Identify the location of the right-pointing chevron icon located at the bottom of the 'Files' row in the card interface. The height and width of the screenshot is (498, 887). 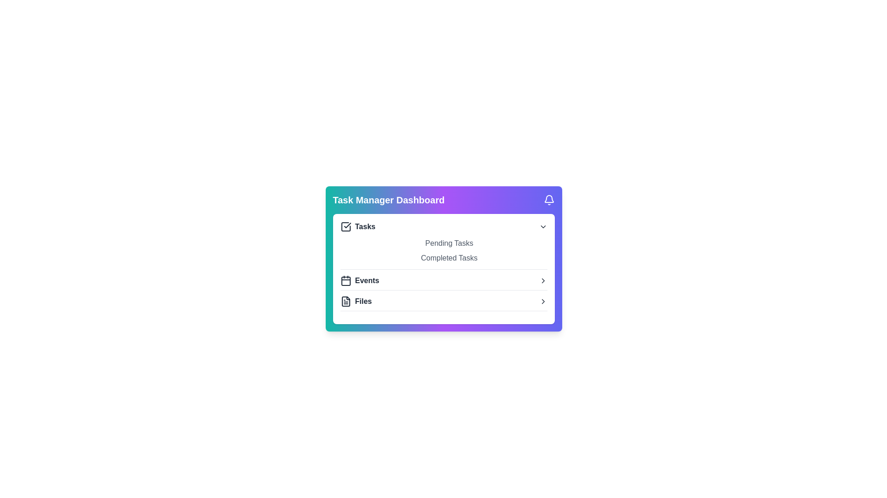
(543, 280).